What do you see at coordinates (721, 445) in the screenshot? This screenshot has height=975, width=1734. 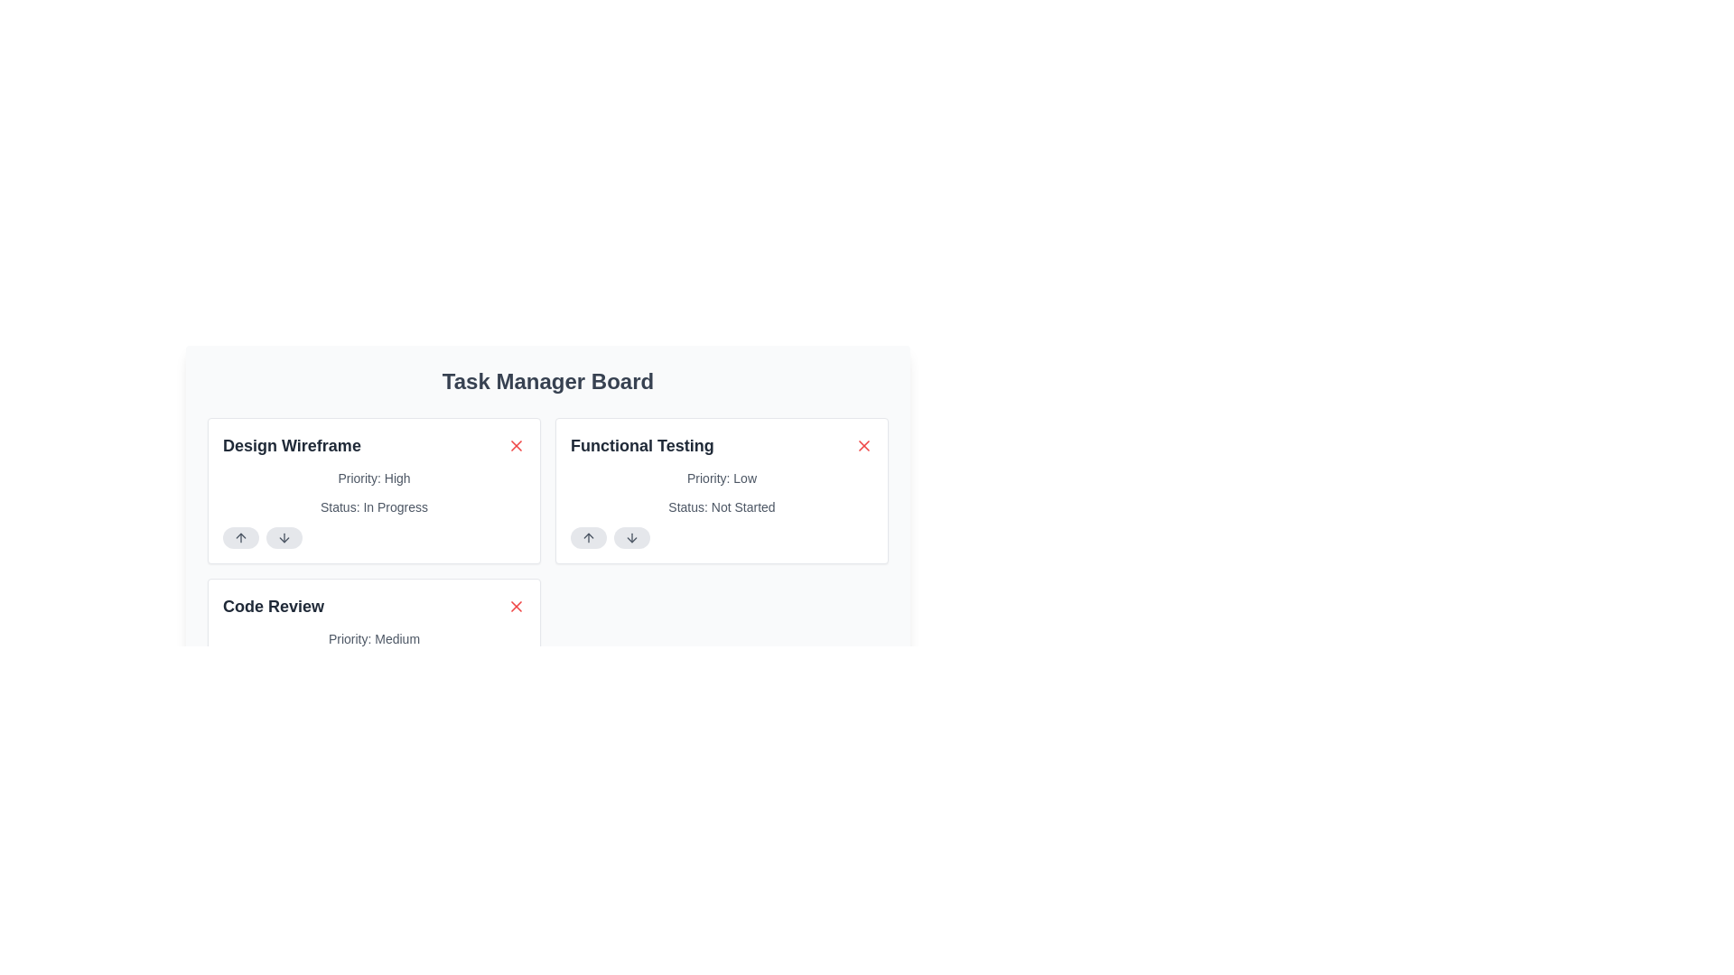 I see `the text of the title label of the task card located at the top left of the 'Task Manager Board' interface` at bounding box center [721, 445].